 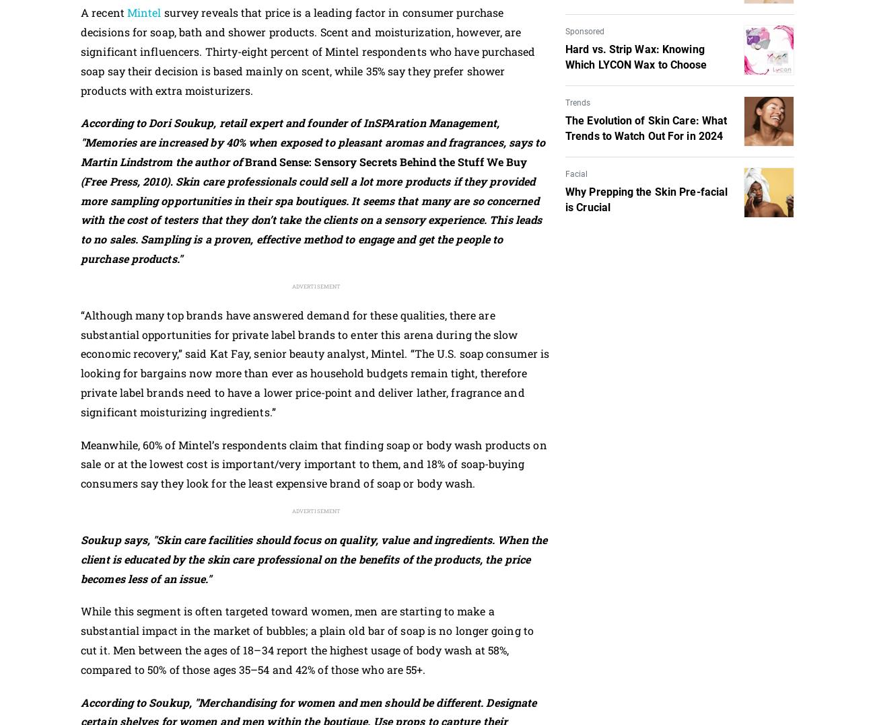 What do you see at coordinates (646, 199) in the screenshot?
I see `'Why Prepping the Skin Pre-facial is Crucial'` at bounding box center [646, 199].